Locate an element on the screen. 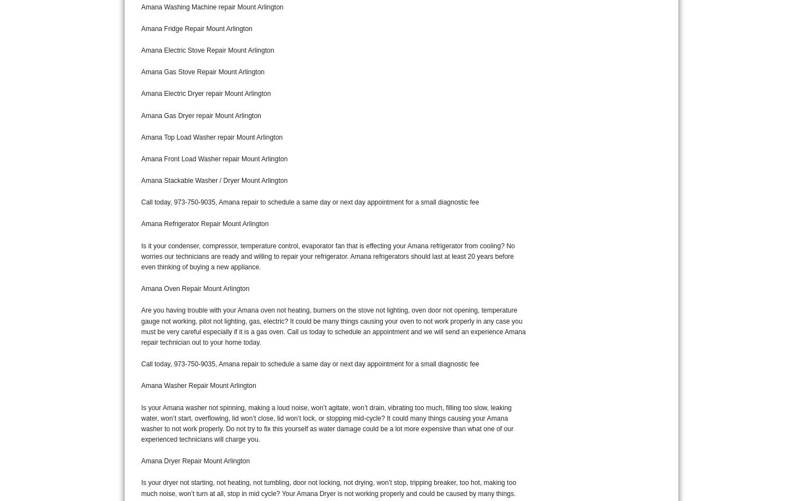  'Is your Amana washer not spinning, making a loud noise, won’t agitate, won’t drain, vibrating too much, filling too slow, leaking water, won’t start, overflowing, lid won’t close, lid won’t lock, or stopping mid-cycle? It could many things causing your Amana washer to not work properly. Do not try to fix this yourself as water damage could be a lot more expensive than what one of our experienced technicians will charge you.' is located at coordinates (327, 423).